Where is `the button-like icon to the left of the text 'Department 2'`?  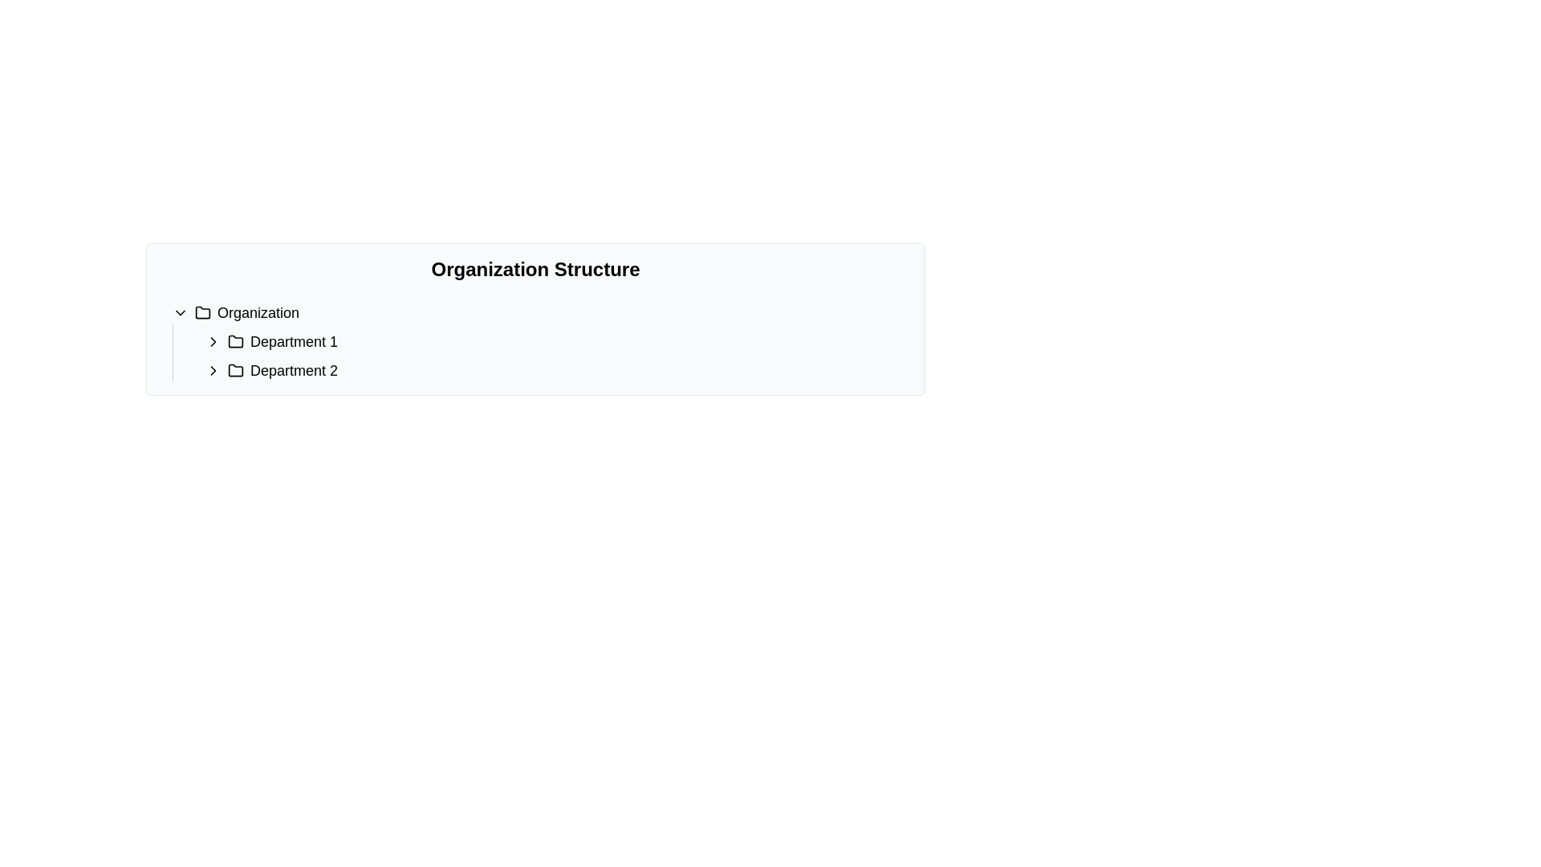
the button-like icon to the left of the text 'Department 2' is located at coordinates (212, 371).